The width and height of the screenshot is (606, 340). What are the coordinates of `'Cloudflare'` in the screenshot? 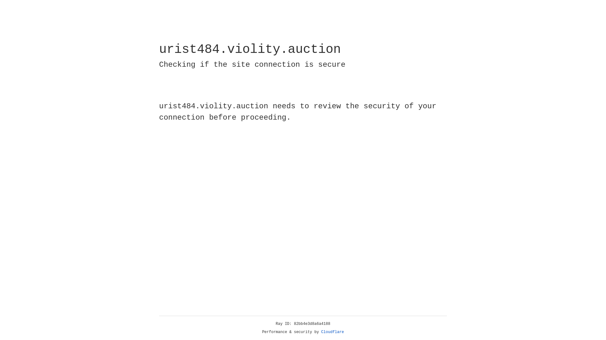 It's located at (332, 332).